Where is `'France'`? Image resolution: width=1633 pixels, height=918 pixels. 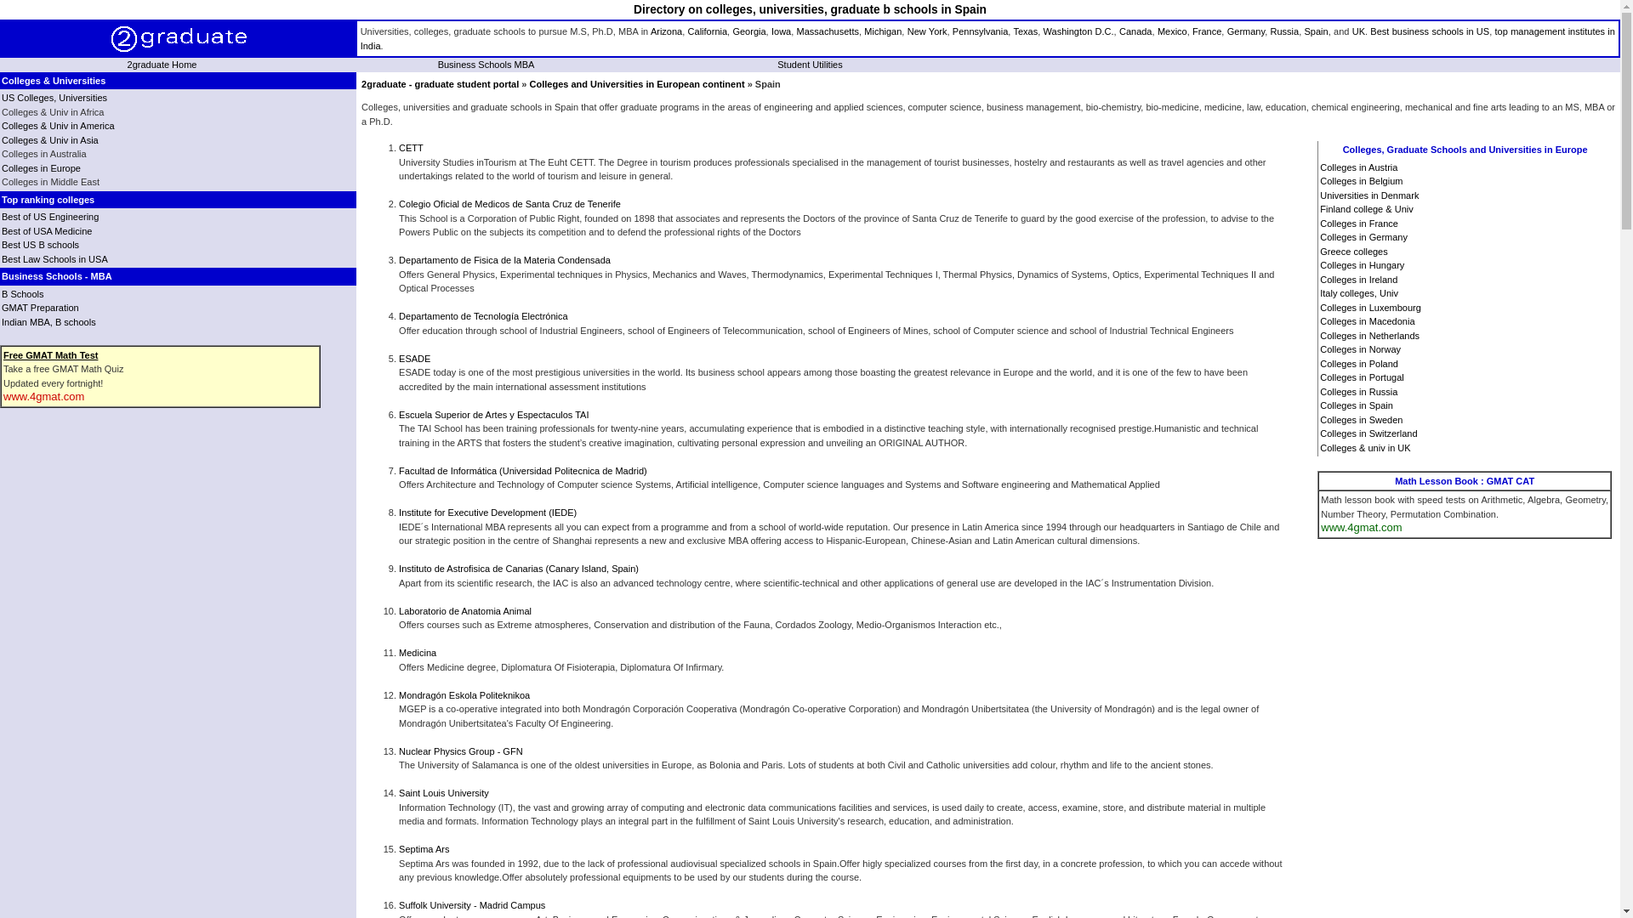
'France' is located at coordinates (1206, 31).